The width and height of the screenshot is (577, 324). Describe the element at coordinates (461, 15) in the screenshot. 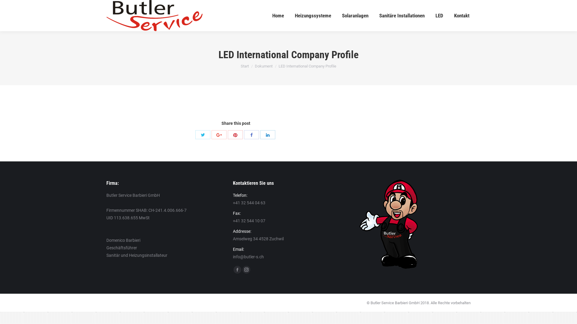

I see `'Kontakt'` at that location.